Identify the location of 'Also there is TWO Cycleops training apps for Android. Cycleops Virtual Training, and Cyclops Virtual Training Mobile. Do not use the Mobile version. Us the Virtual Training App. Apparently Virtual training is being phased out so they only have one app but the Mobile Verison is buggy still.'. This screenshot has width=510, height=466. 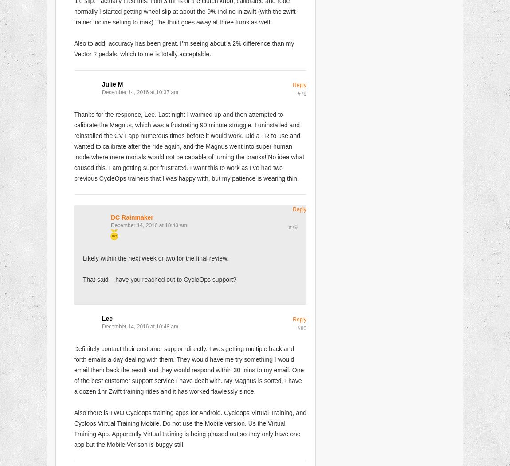
(190, 427).